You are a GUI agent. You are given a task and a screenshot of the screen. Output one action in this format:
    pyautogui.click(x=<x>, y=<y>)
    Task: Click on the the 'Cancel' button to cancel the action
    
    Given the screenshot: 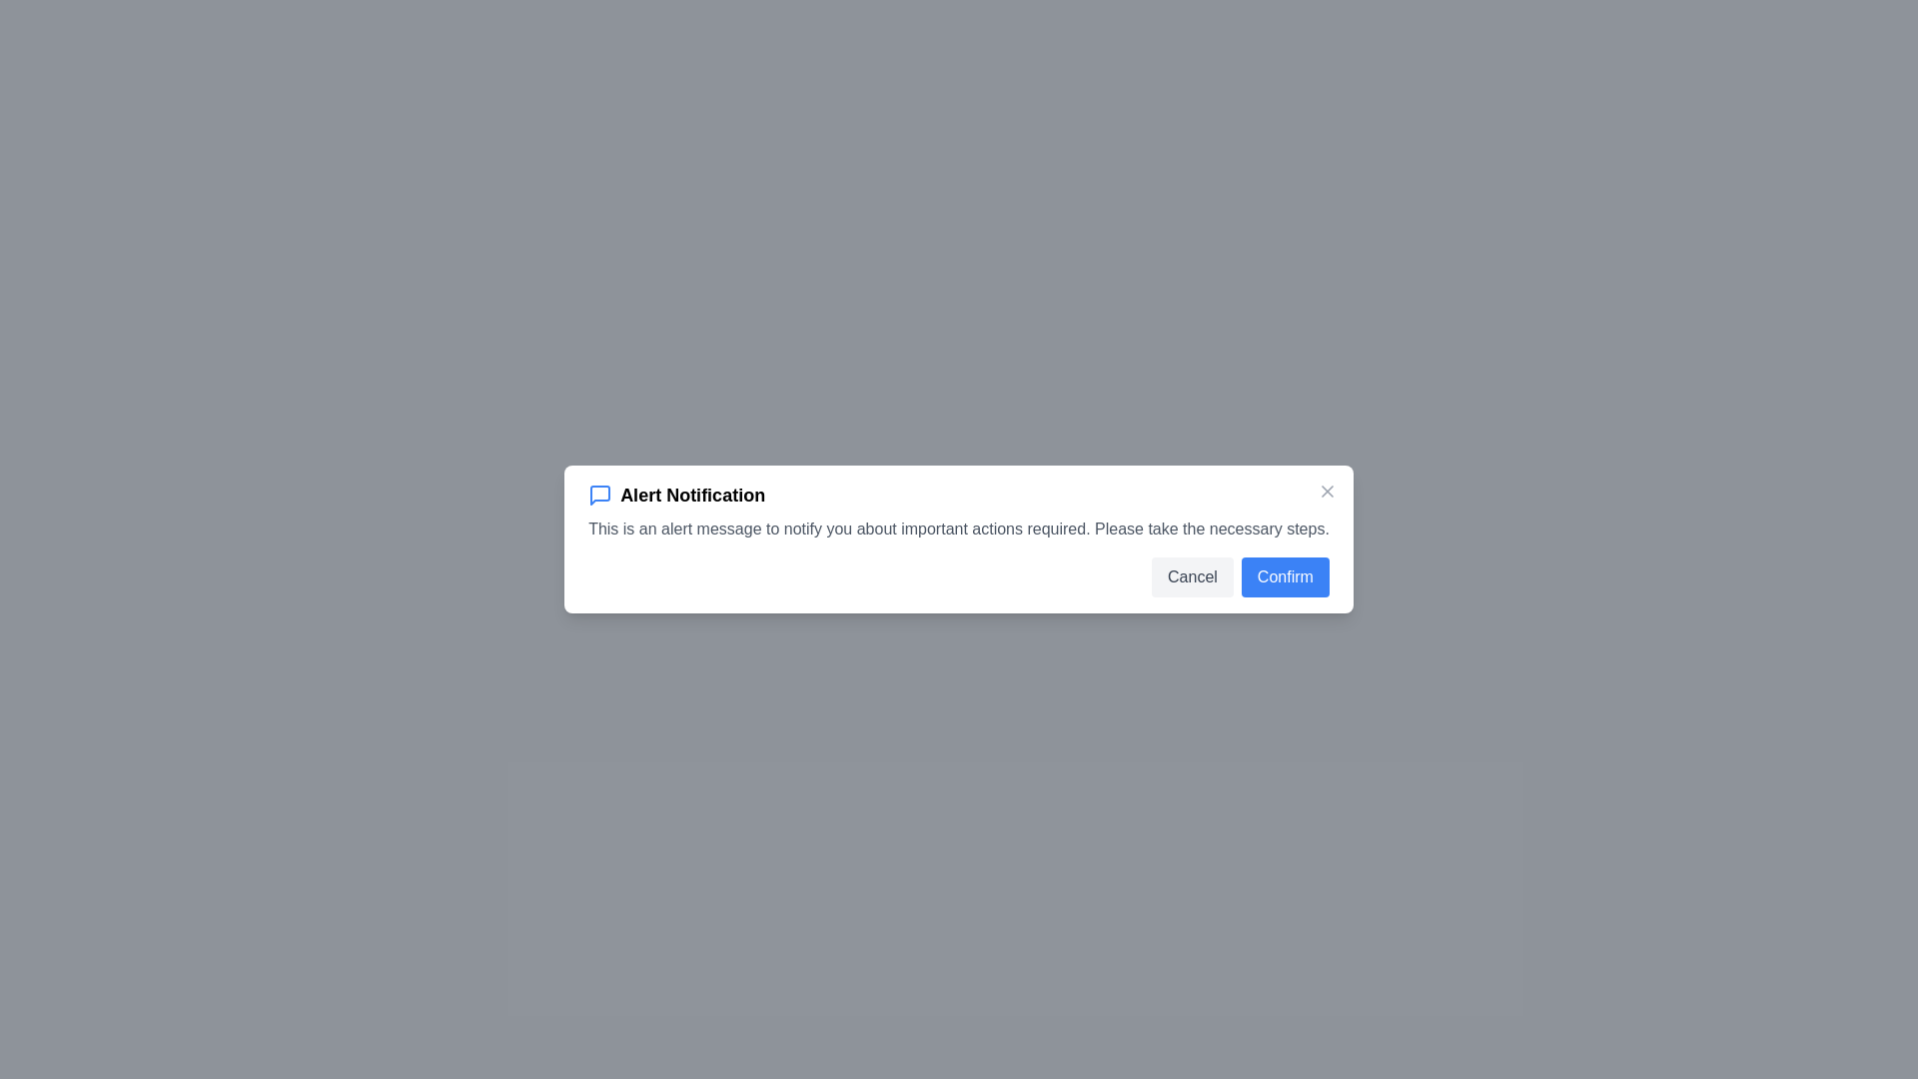 What is the action you would take?
    pyautogui.click(x=1192, y=577)
    